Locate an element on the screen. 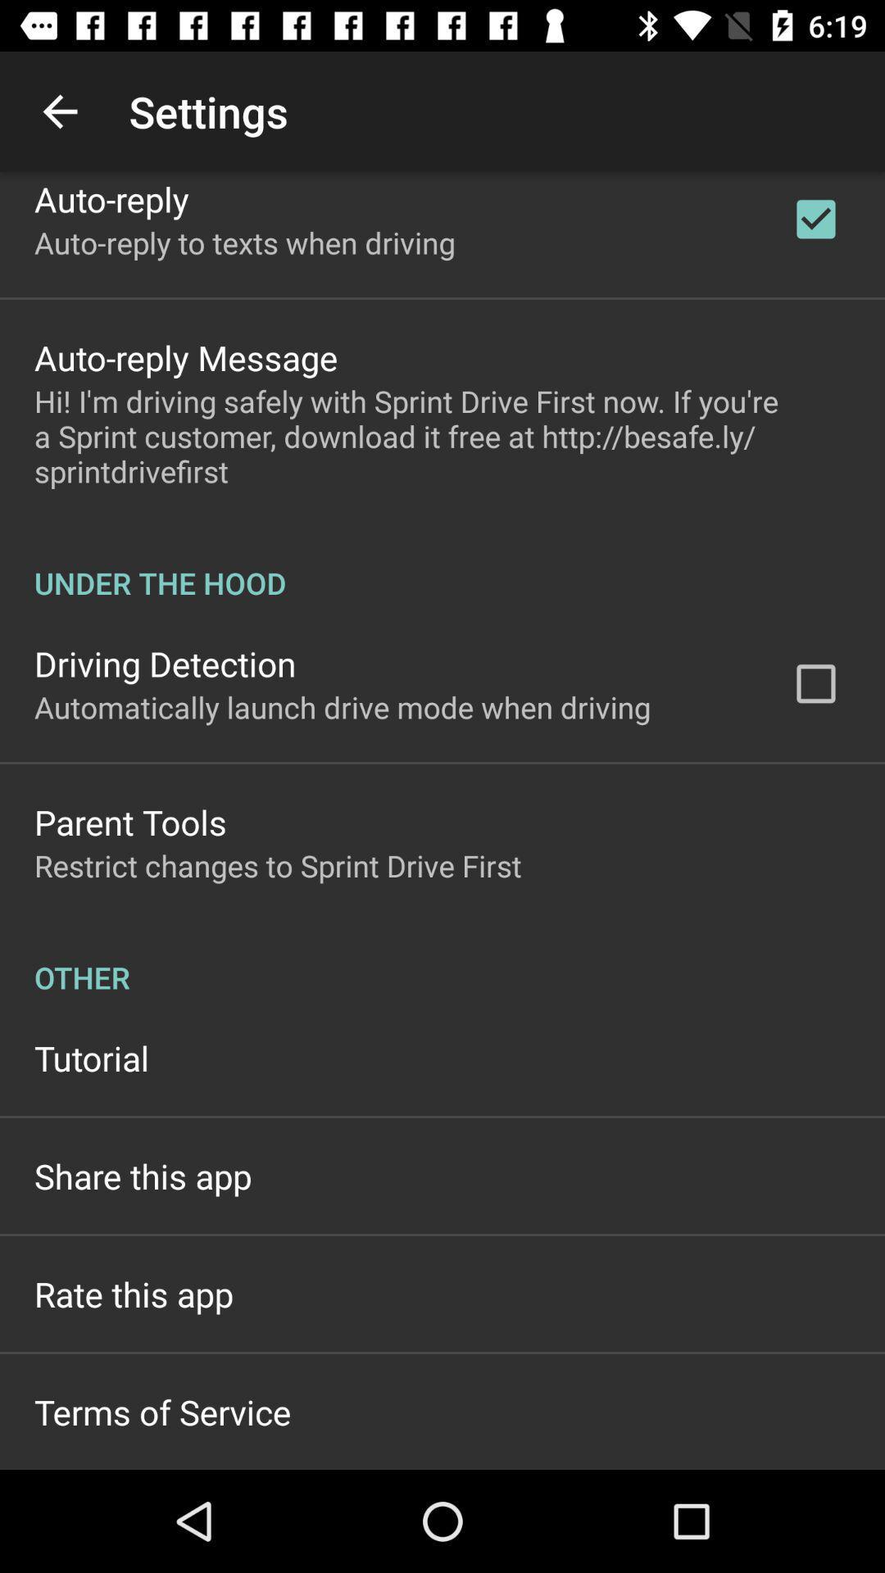  the icon to the left of settings item is located at coordinates (59, 111).